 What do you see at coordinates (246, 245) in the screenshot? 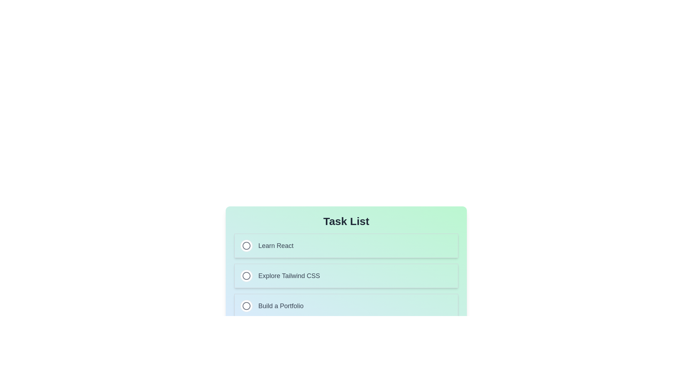
I see `the circular shape or SVG graphic element located in the topmost task item row, near the 'Learn React' text, for interaction` at bounding box center [246, 245].